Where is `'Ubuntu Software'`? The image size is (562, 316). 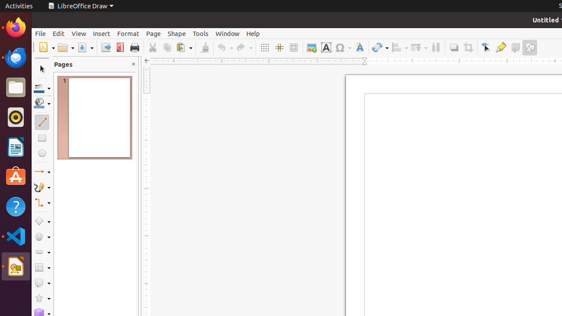 'Ubuntu Software' is located at coordinates (15, 177).